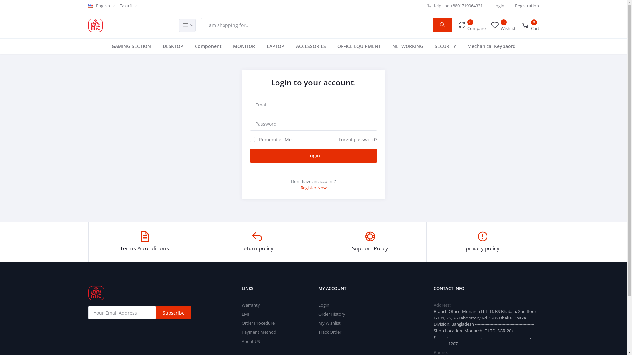  What do you see at coordinates (357, 139) in the screenshot?
I see `'Forgot password?'` at bounding box center [357, 139].